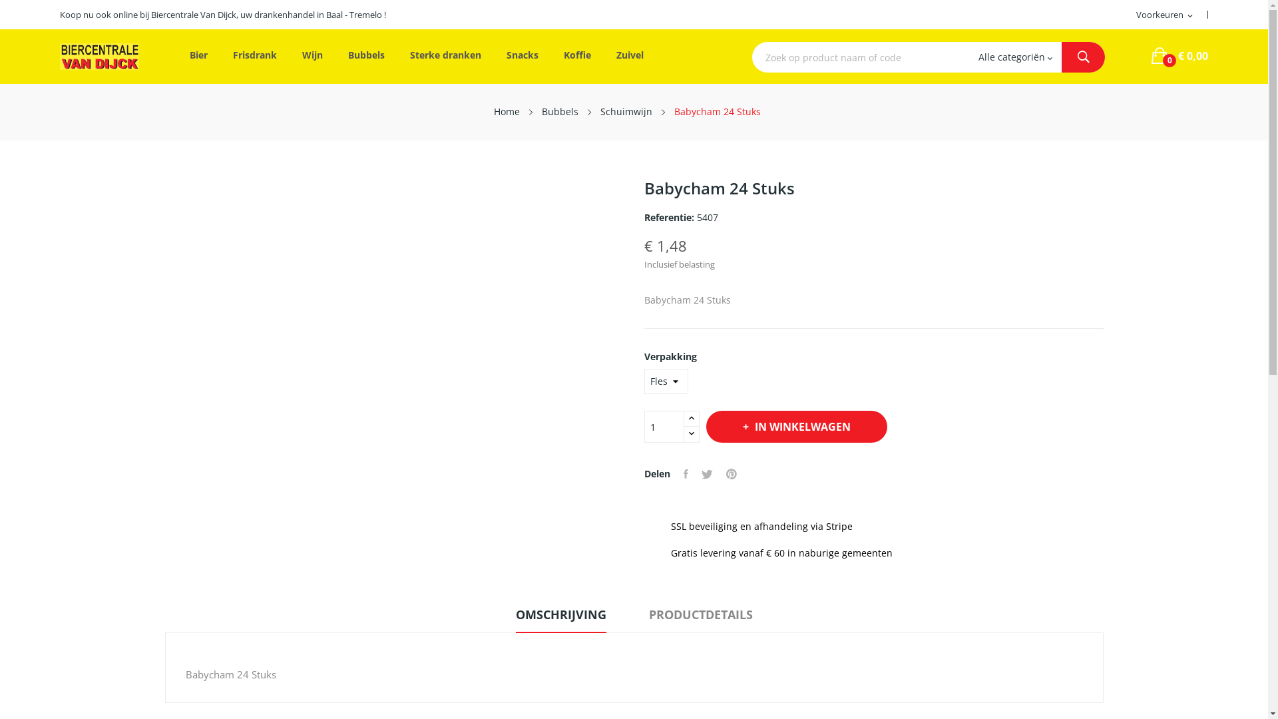 The width and height of the screenshot is (1278, 719). What do you see at coordinates (312, 55) in the screenshot?
I see `'Wijn'` at bounding box center [312, 55].